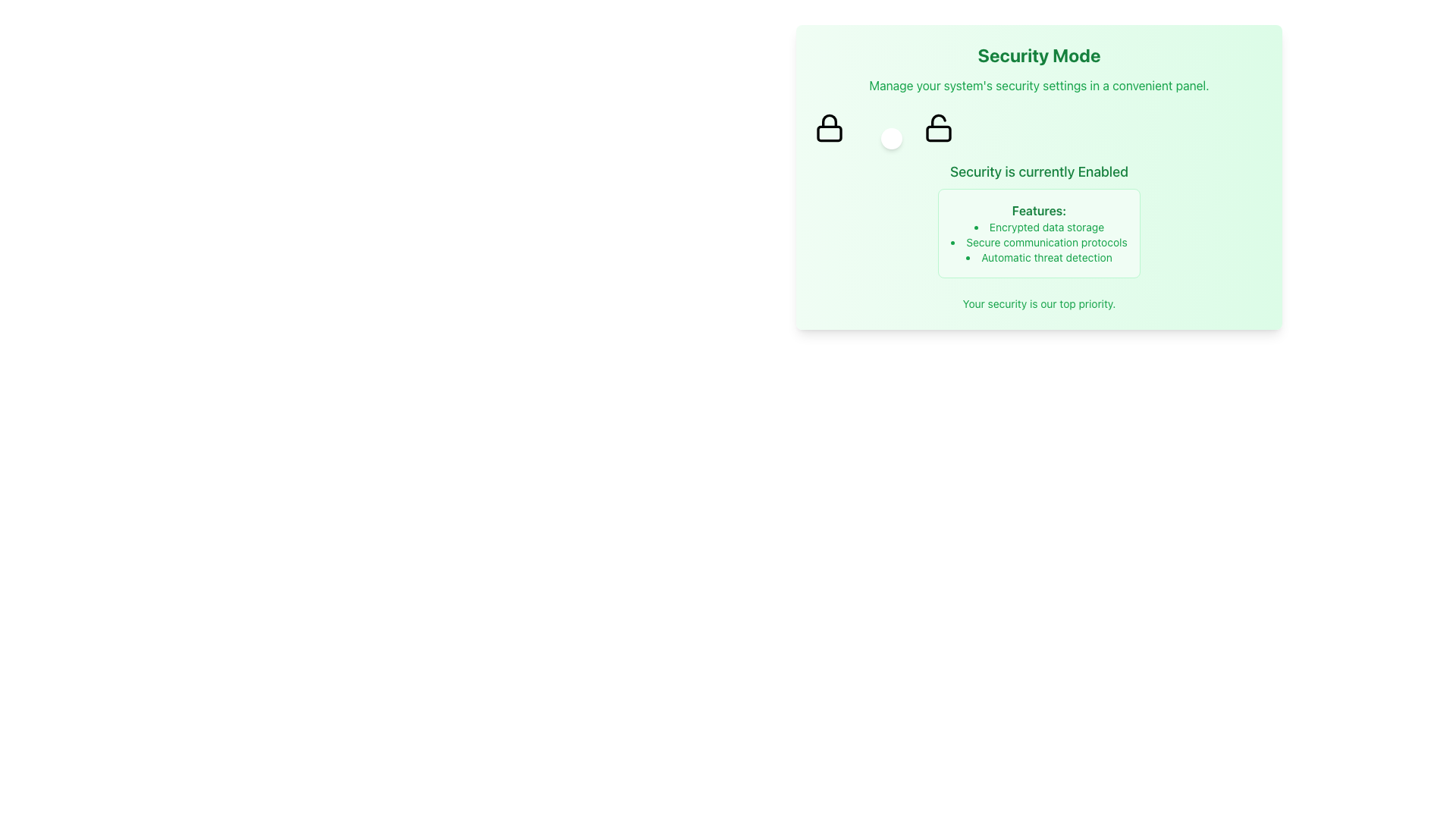 This screenshot has height=819, width=1456. Describe the element at coordinates (1038, 219) in the screenshot. I see `the informational section displaying security features, which shows the text 'Security is currently Enabled' in a larger, bold green font, and includes a subsection labeled 'Features:' with a list of enabled security features` at that location.